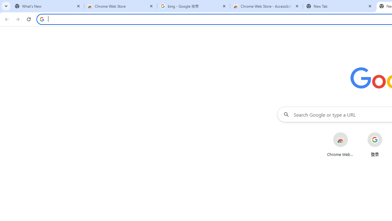 The height and width of the screenshot is (221, 392). I want to click on 'More actions for Chrome Web Store shortcut', so click(353, 133).